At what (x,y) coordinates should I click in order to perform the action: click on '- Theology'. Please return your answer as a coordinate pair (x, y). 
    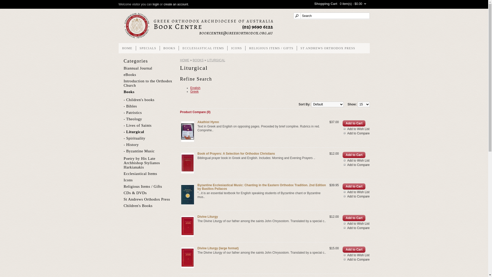
    Looking at the image, I should click on (149, 119).